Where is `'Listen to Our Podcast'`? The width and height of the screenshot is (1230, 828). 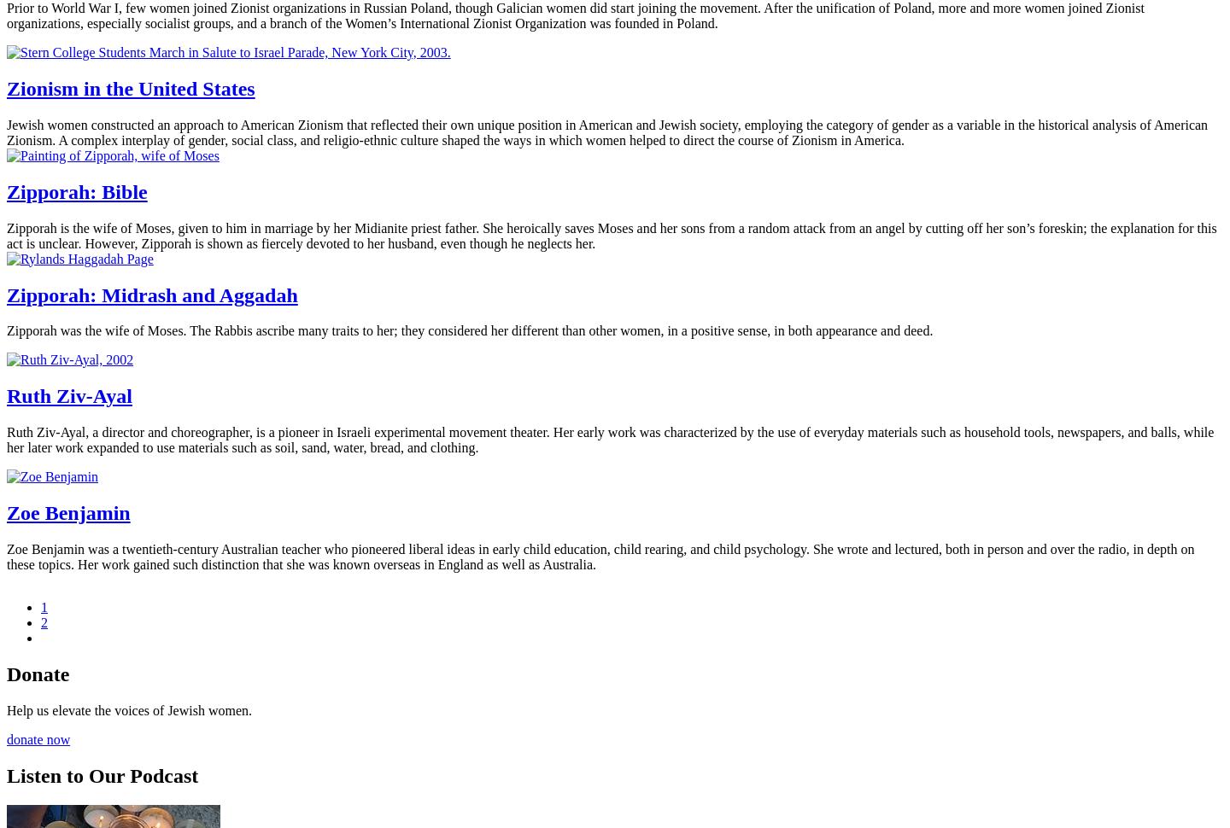
'Listen to Our Podcast' is located at coordinates (102, 775).